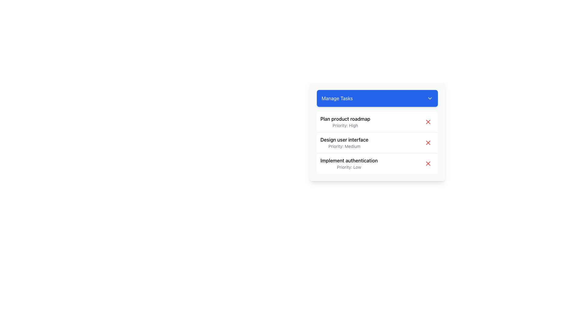  Describe the element at coordinates (345, 122) in the screenshot. I see `the Static Text Block containing the primary text 'Plan product roadmap' and secondary text 'Priority: High', which is the first row in the task list under 'Manage Tasks'` at that location.